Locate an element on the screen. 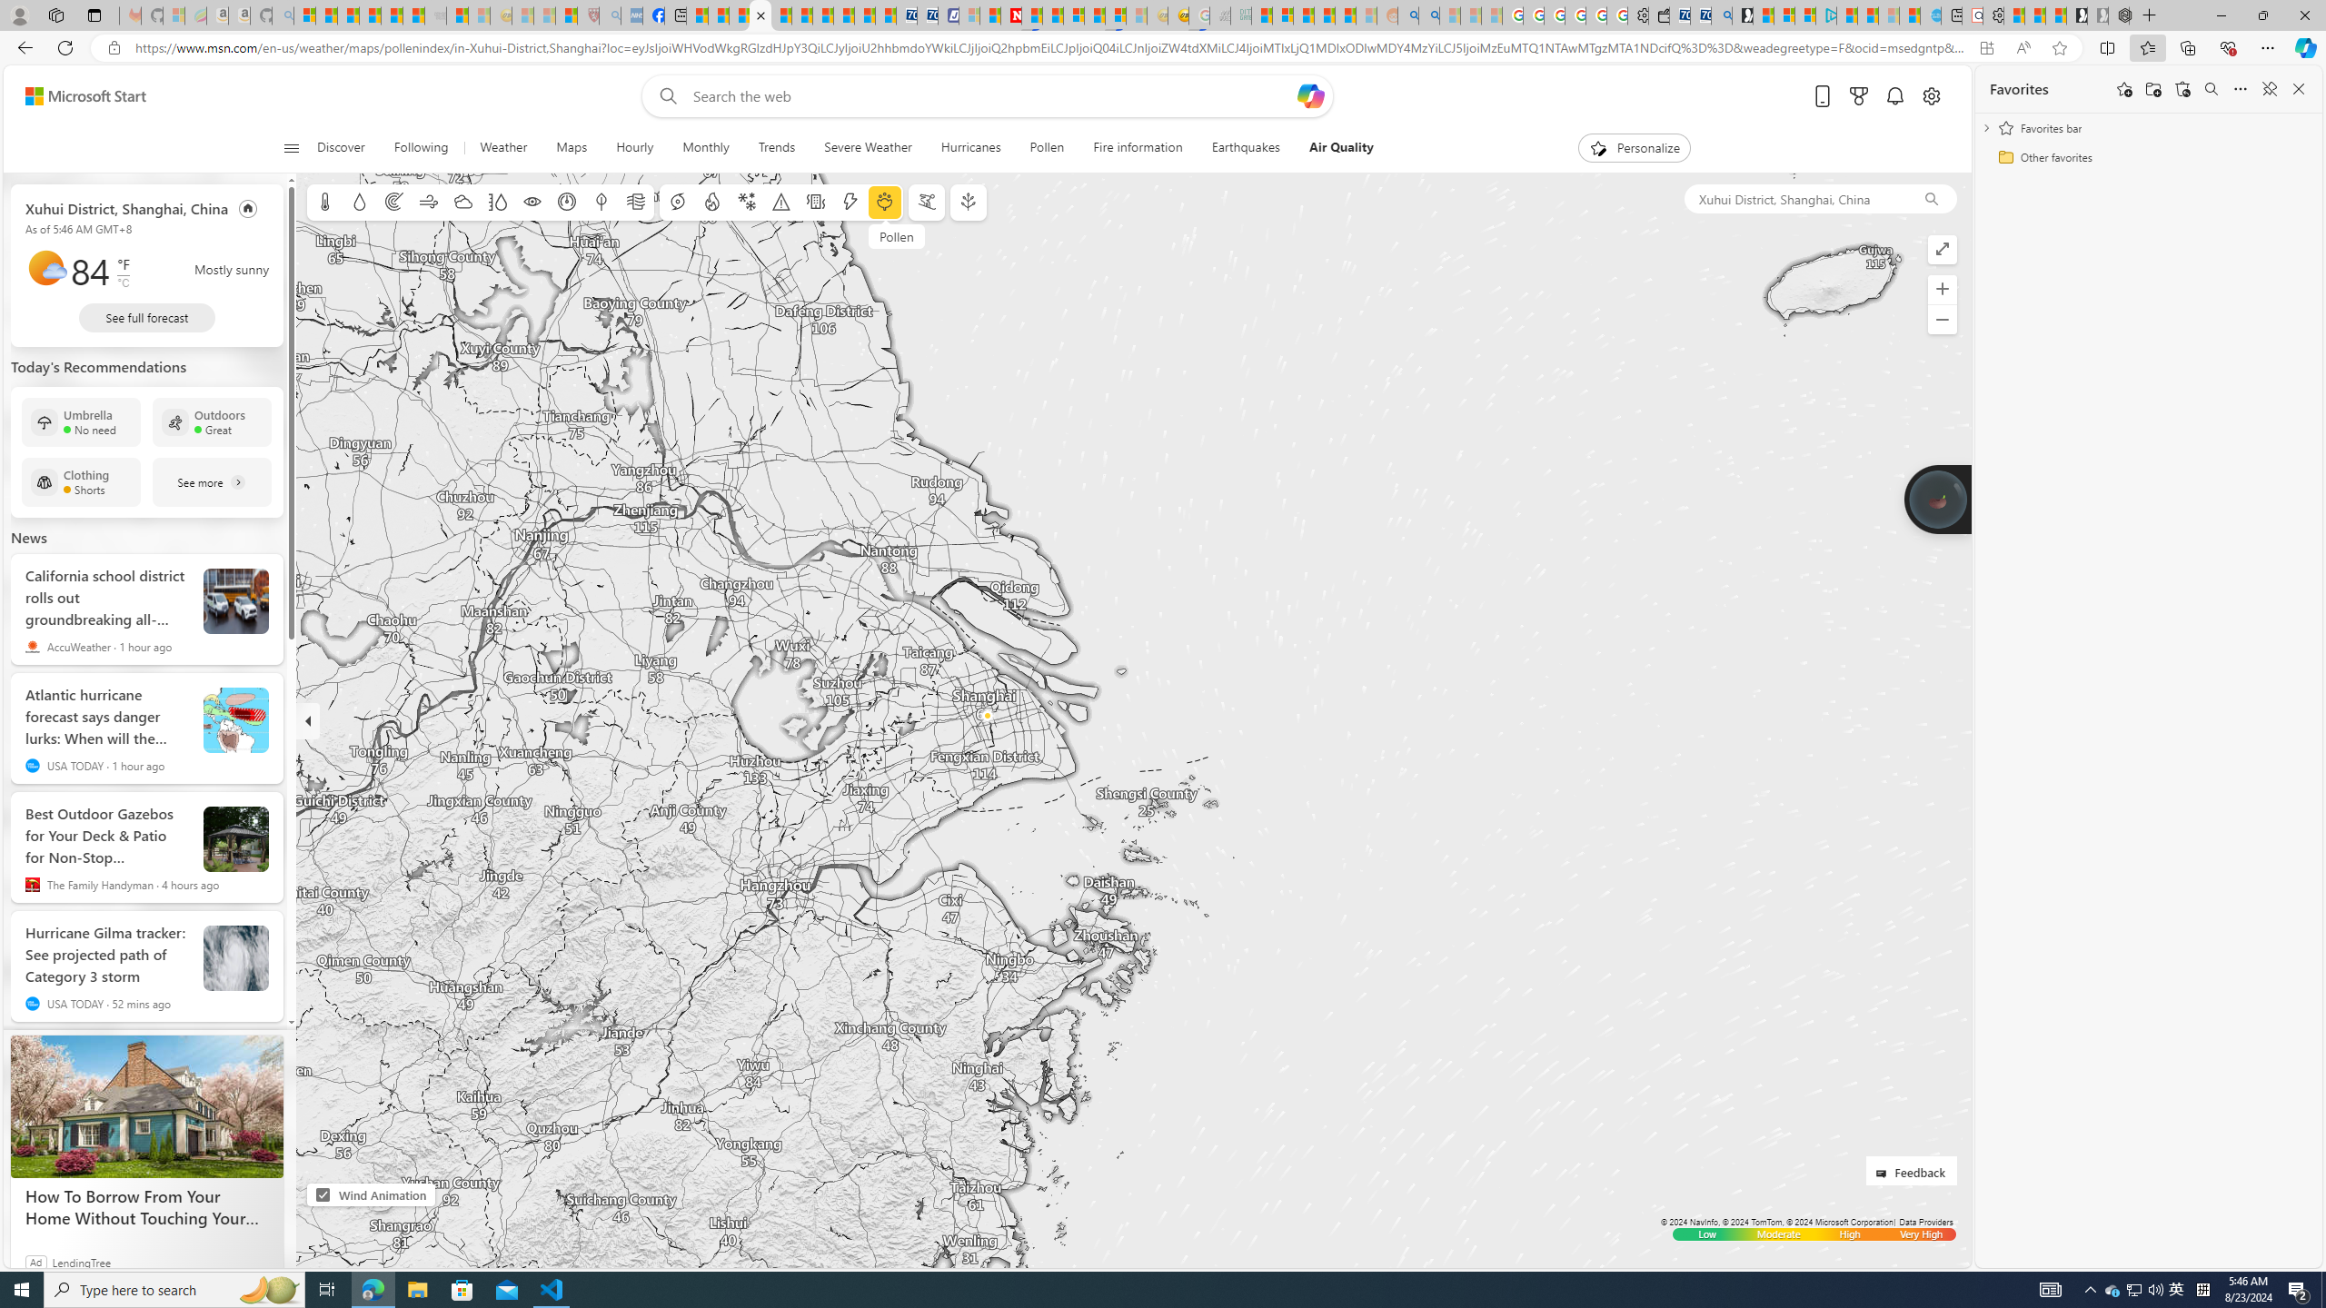 The image size is (2326, 1308). 'Latest Politics News & Archive | Newsweek.com' is located at coordinates (1010, 15).